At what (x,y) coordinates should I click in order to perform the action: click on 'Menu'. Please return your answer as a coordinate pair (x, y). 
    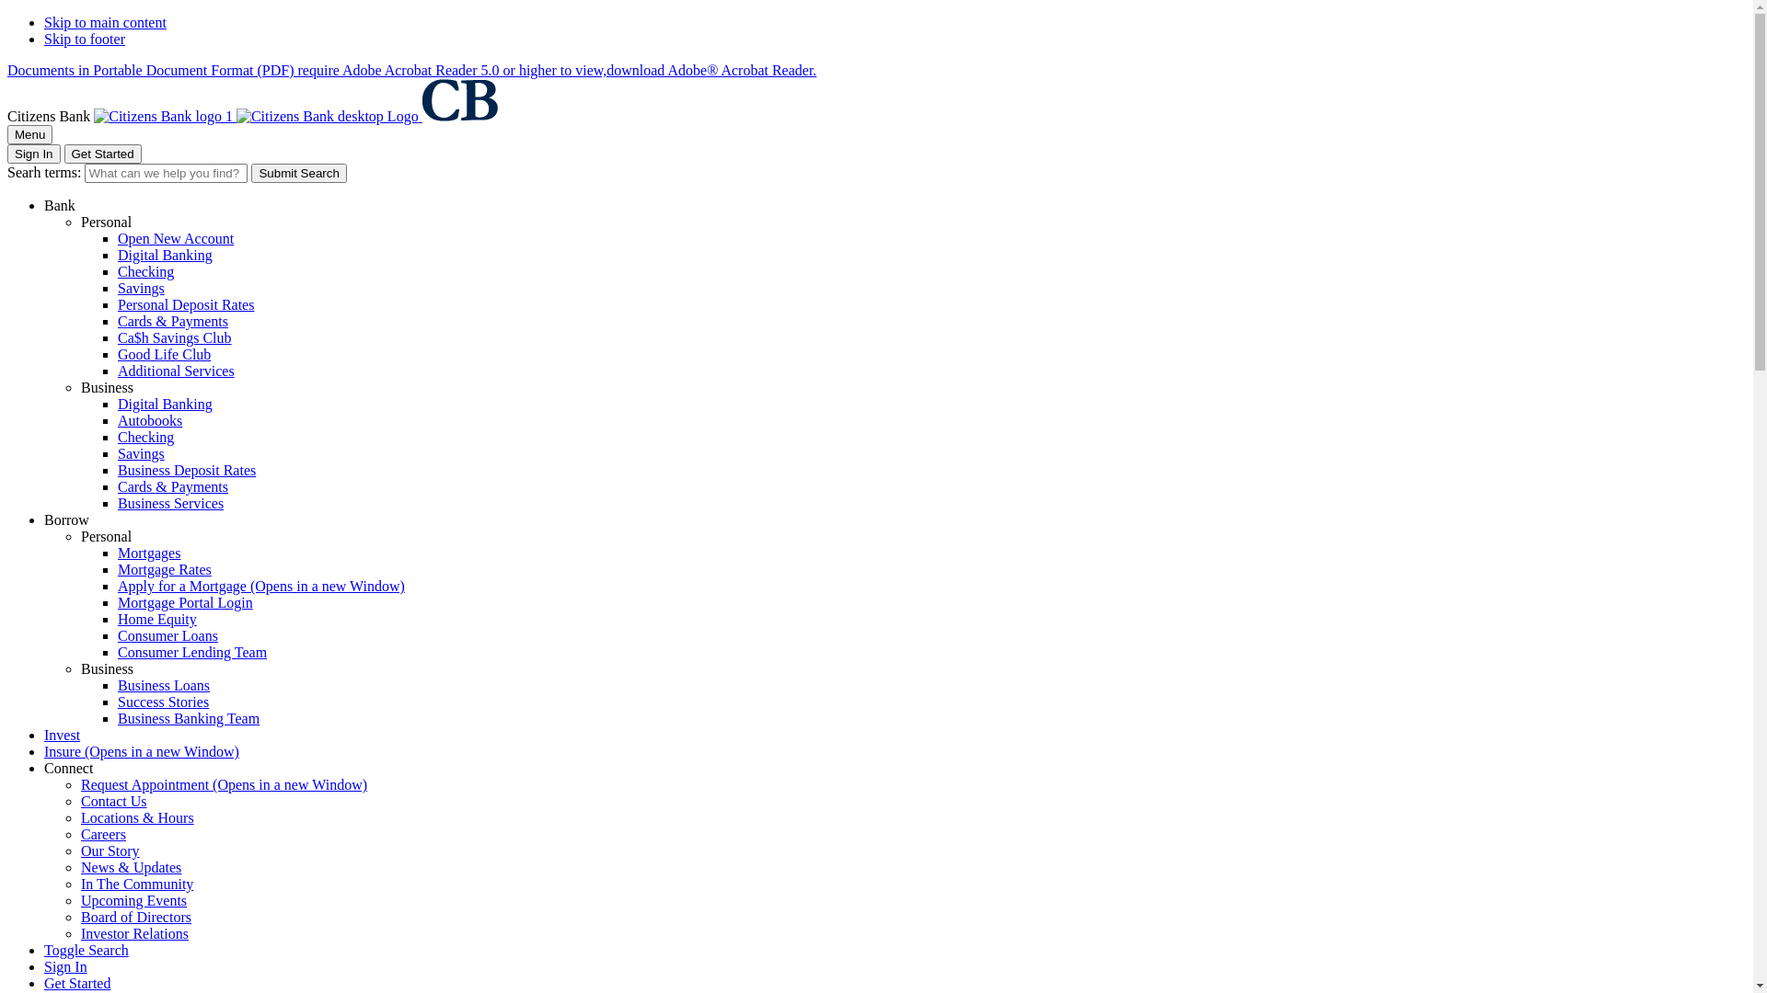
    Looking at the image, I should click on (29, 133).